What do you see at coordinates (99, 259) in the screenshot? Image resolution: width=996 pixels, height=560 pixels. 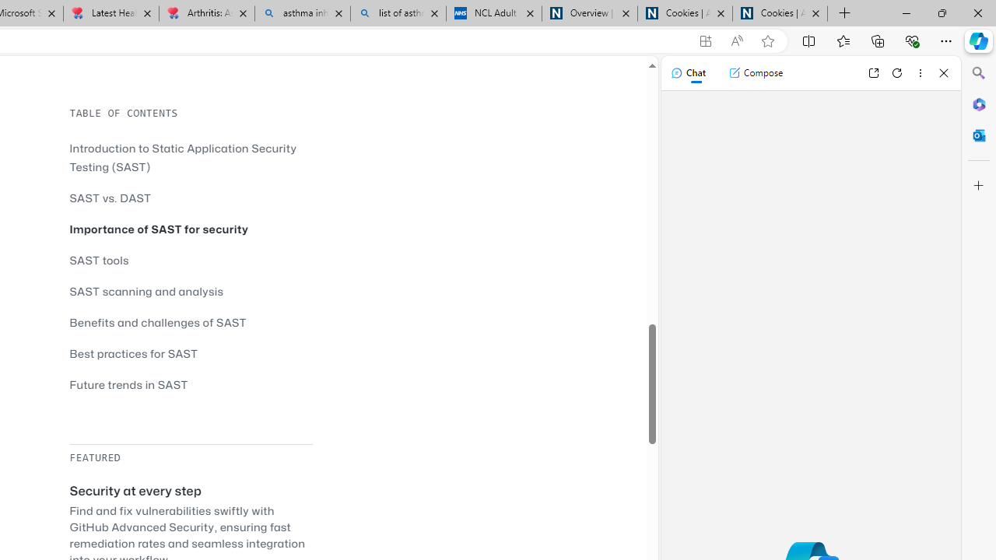 I see `'SAST tools'` at bounding box center [99, 259].